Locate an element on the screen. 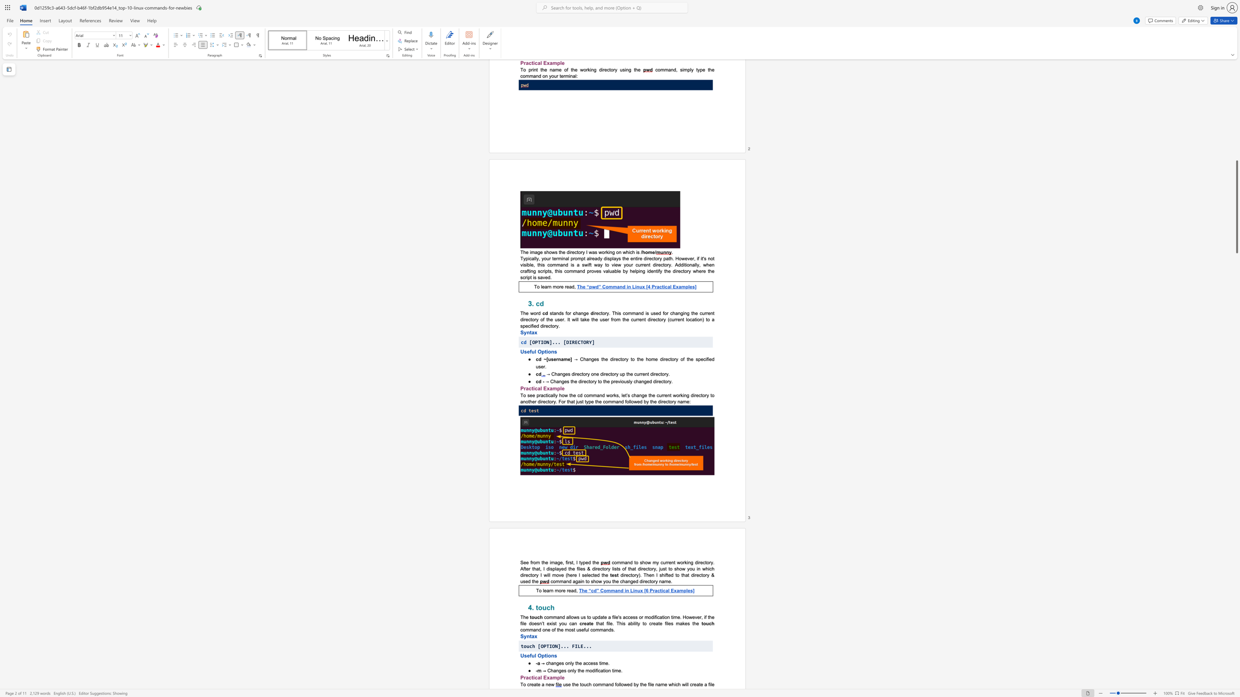 The image size is (1240, 697). the subset text "Practical Example" within the text "Practical Example" is located at coordinates (520, 388).